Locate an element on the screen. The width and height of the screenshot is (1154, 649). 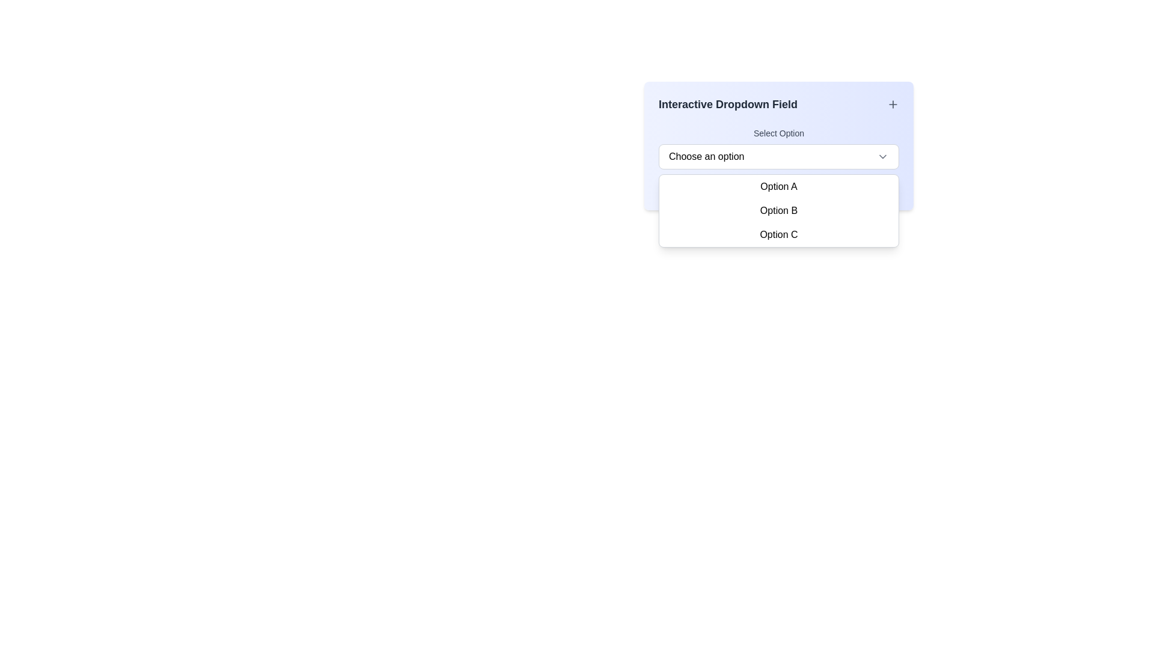
the dropdown menu located inside the 'Interactive Dropdown Field' labeled 'Select Option' is located at coordinates (779, 147).